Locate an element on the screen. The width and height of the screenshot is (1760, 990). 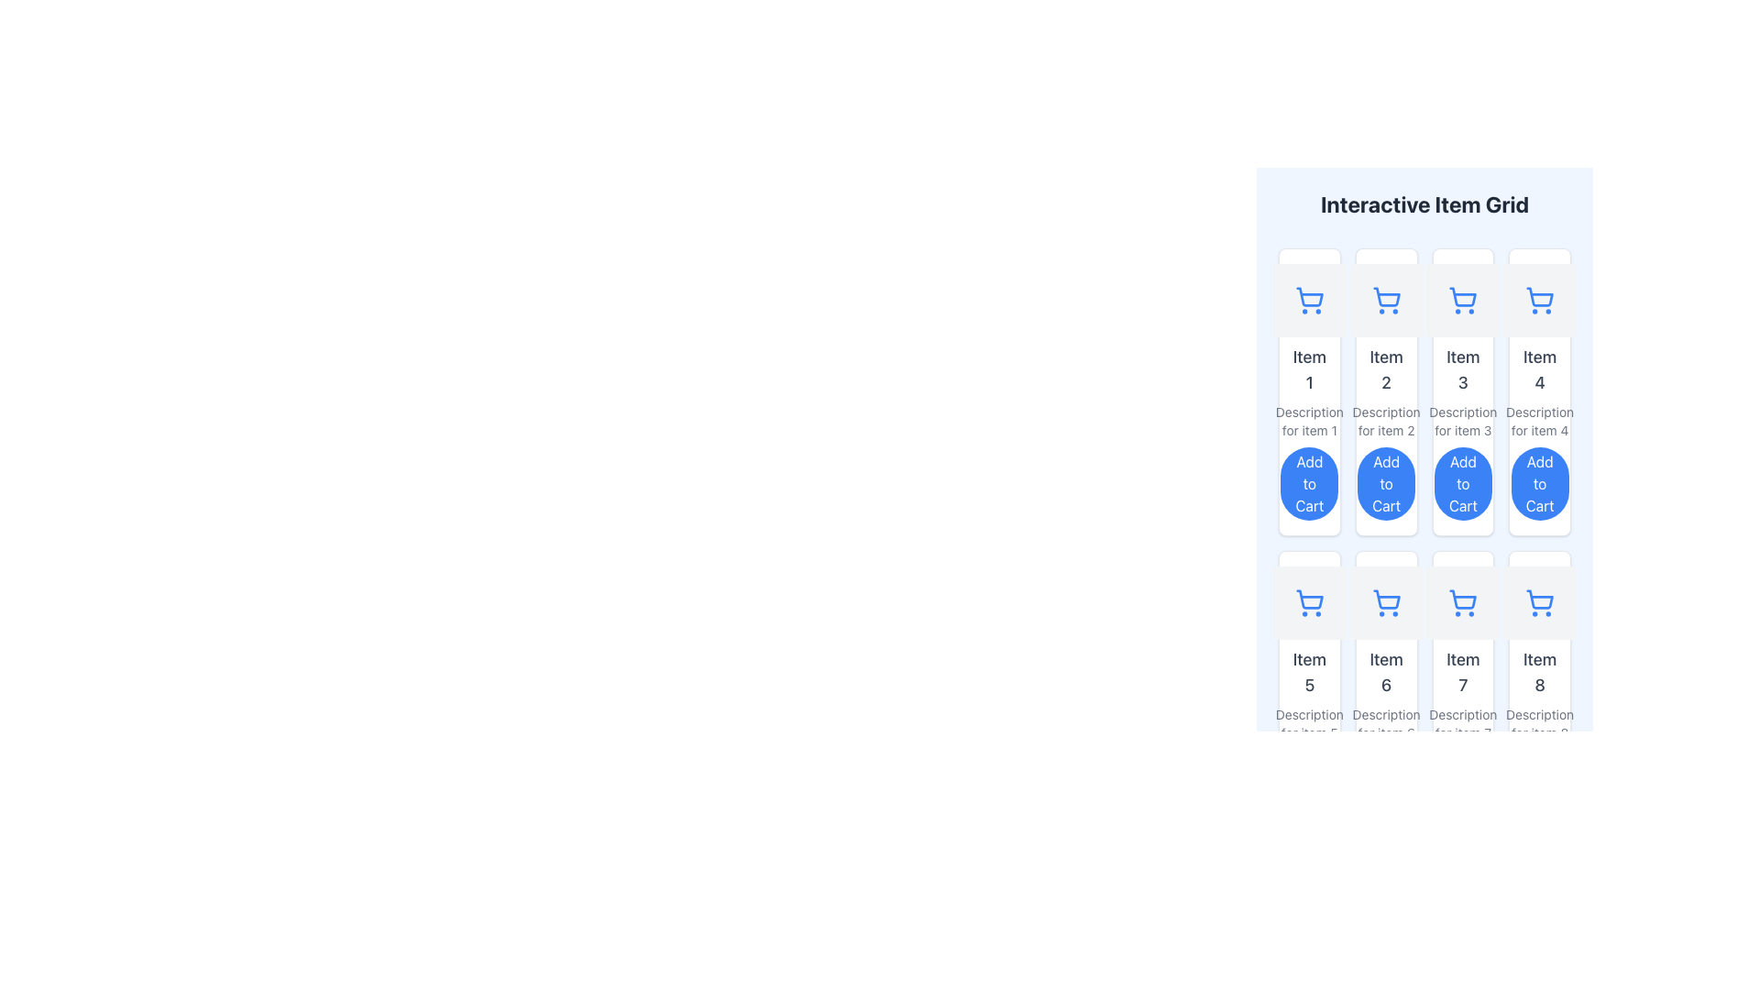
the blue shopping cart icon located in the sixth position of the 8-item grid is located at coordinates (1386, 603).